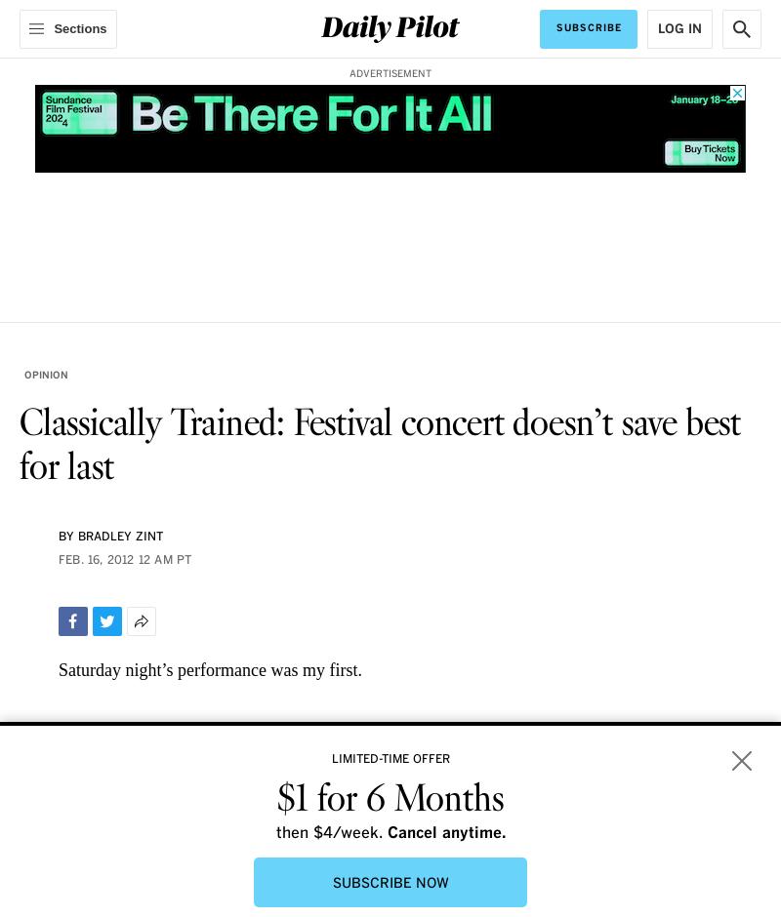  What do you see at coordinates (137, 560) in the screenshot?
I see `'12 AM PT'` at bounding box center [137, 560].